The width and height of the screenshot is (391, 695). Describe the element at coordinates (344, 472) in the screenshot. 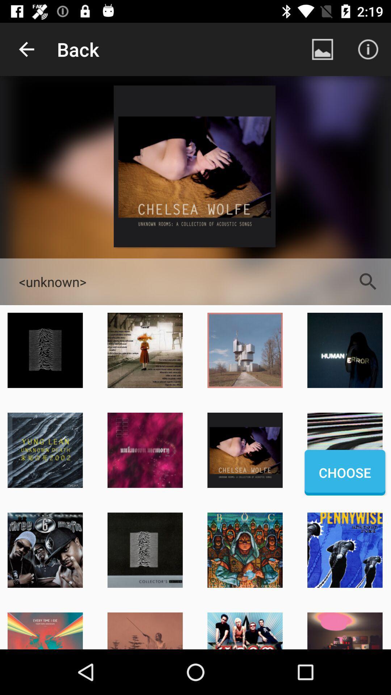

I see `choose icon` at that location.